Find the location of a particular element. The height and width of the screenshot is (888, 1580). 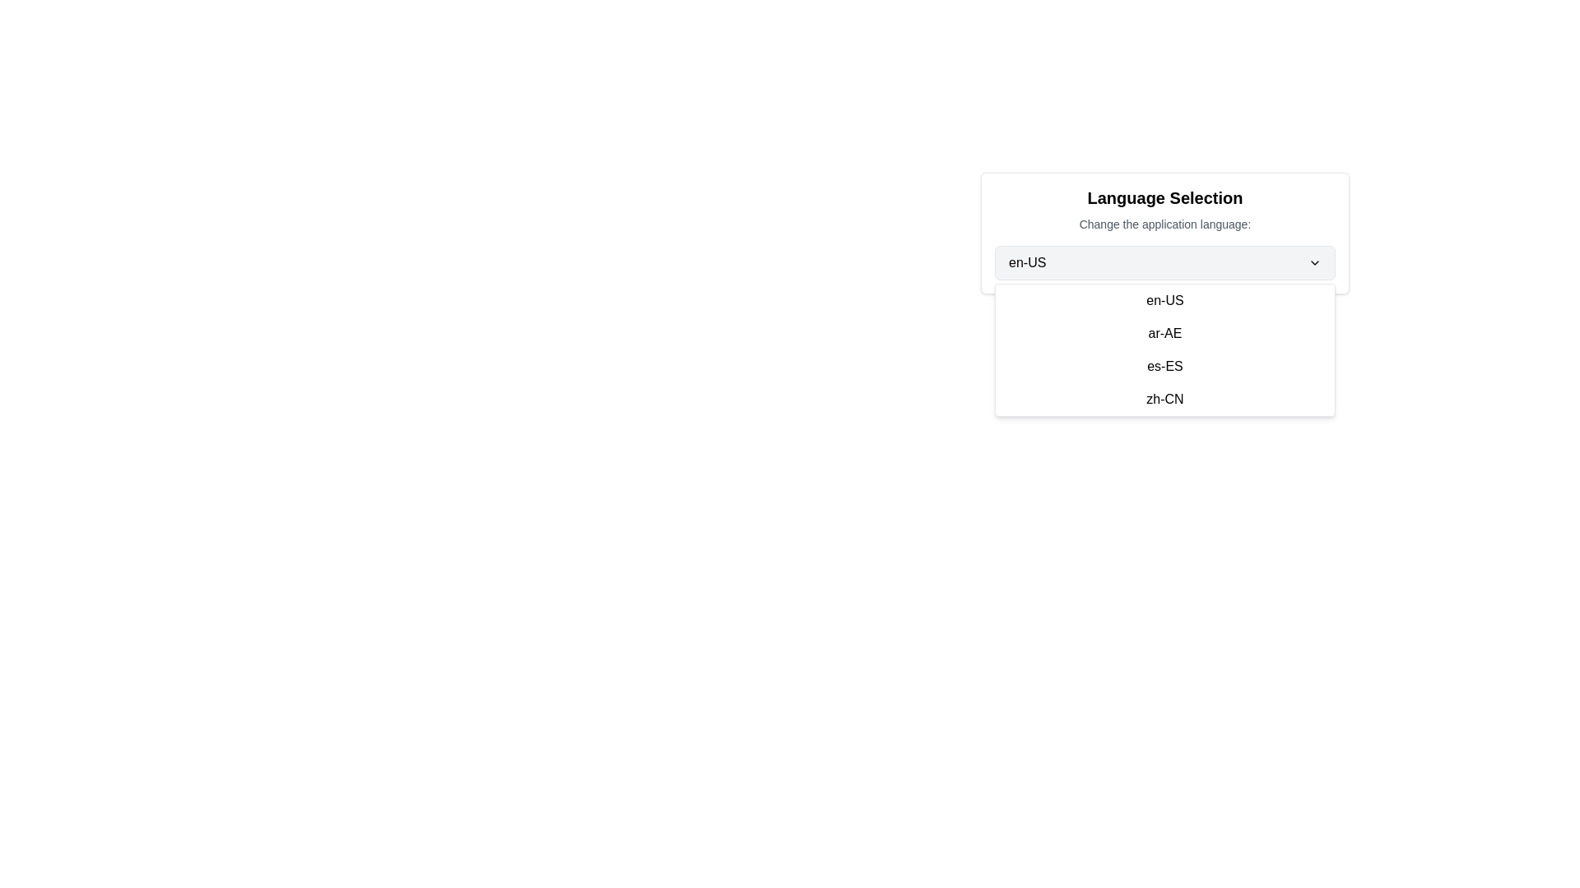

the 'en-US' language option in the dropdown menu is located at coordinates (1164, 301).